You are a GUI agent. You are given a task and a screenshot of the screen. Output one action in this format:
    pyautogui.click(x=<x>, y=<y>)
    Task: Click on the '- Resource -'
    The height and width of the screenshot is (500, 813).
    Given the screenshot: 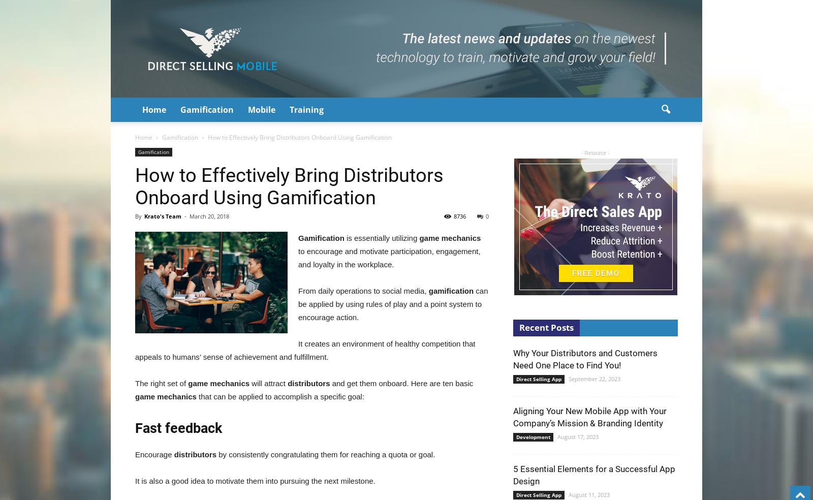 What is the action you would take?
    pyautogui.click(x=581, y=152)
    